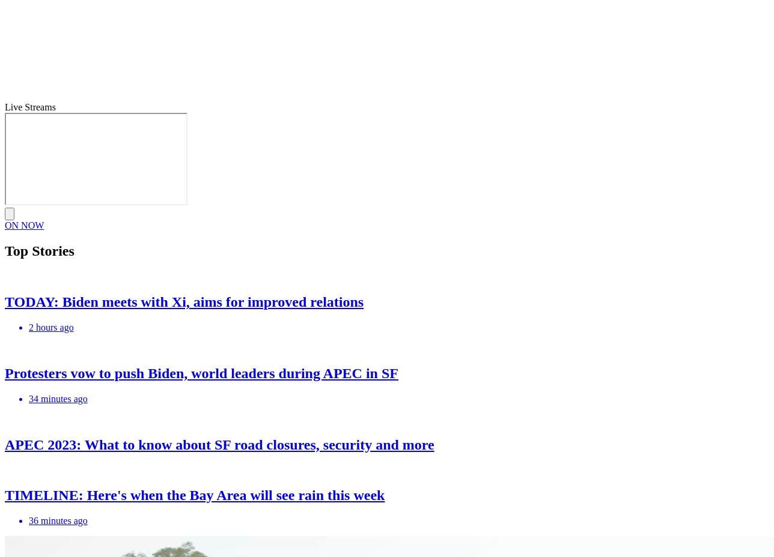 This screenshot has width=774, height=557. What do you see at coordinates (29, 107) in the screenshot?
I see `'Live Streams'` at bounding box center [29, 107].